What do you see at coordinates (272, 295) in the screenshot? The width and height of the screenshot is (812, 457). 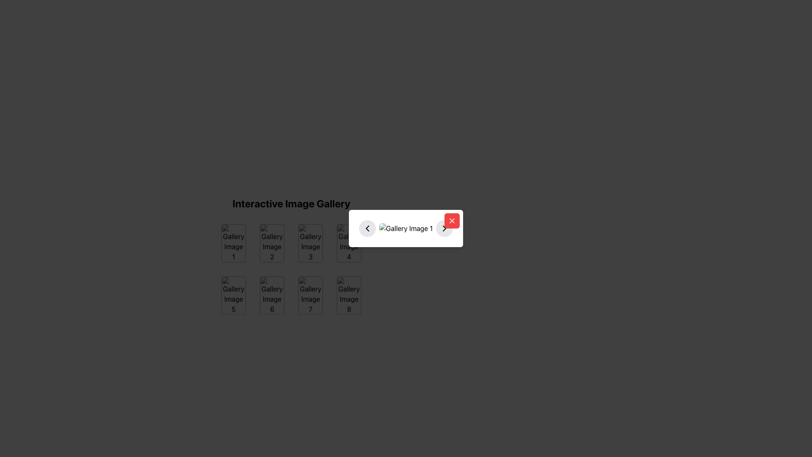 I see `the Thumbnail Image located in the gallery interface, which serves as a clickable element` at bounding box center [272, 295].